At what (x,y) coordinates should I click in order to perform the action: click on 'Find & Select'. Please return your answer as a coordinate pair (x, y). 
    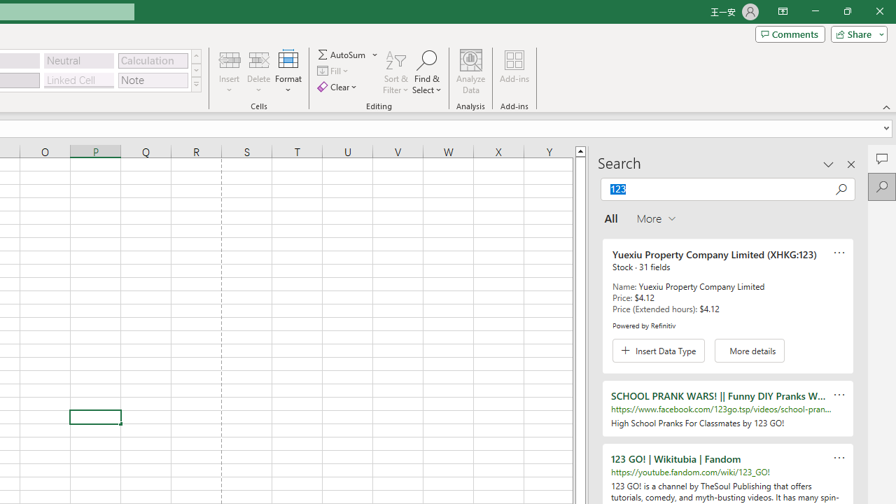
    Looking at the image, I should click on (426, 72).